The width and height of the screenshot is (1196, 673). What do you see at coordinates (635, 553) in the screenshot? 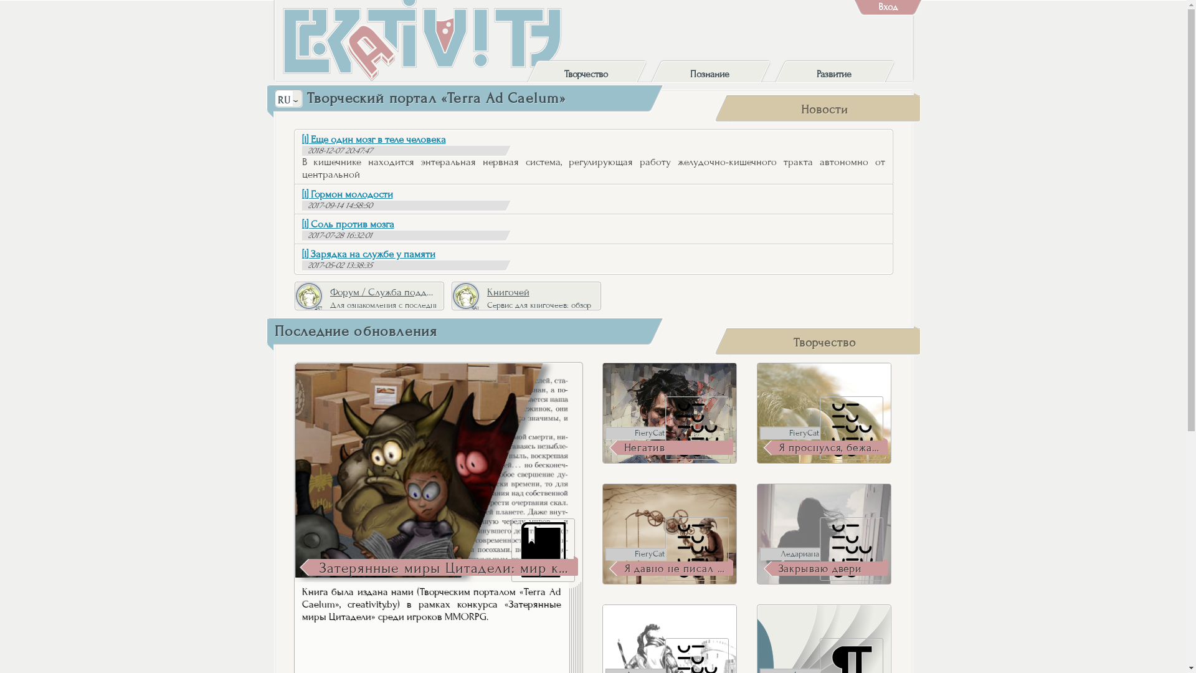
I see `'FieryCat'` at bounding box center [635, 553].